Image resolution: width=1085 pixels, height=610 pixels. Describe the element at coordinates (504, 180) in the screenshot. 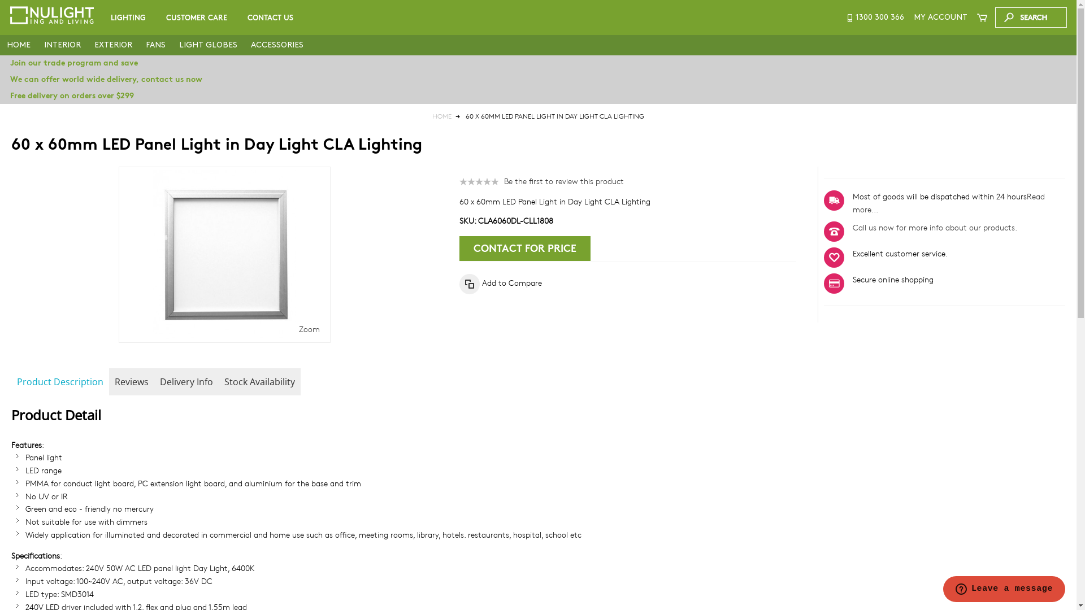

I see `'Be the first to review this product'` at that location.